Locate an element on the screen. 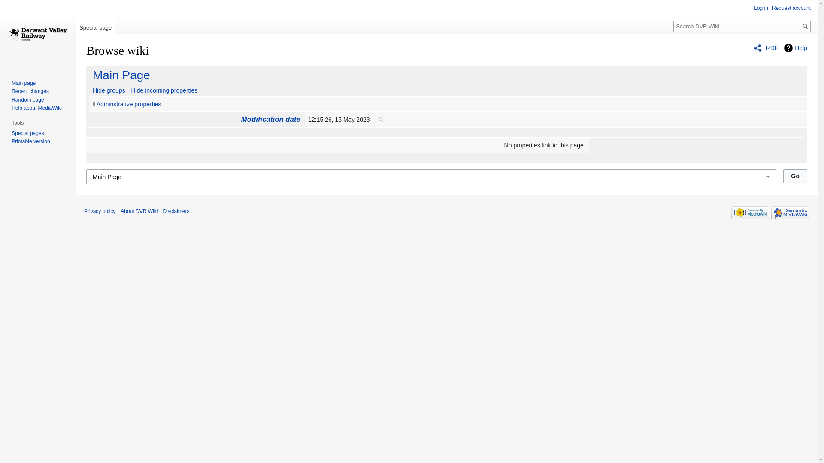 This screenshot has width=824, height=463. 'Adminstrative properties' is located at coordinates (97, 104).